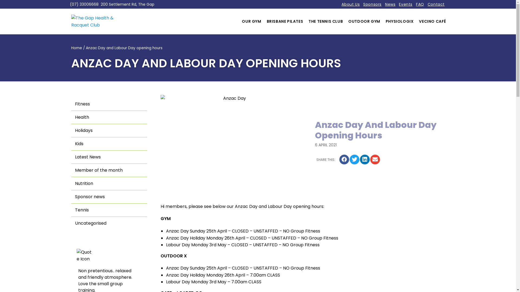  I want to click on 'Uncategorised', so click(109, 223).